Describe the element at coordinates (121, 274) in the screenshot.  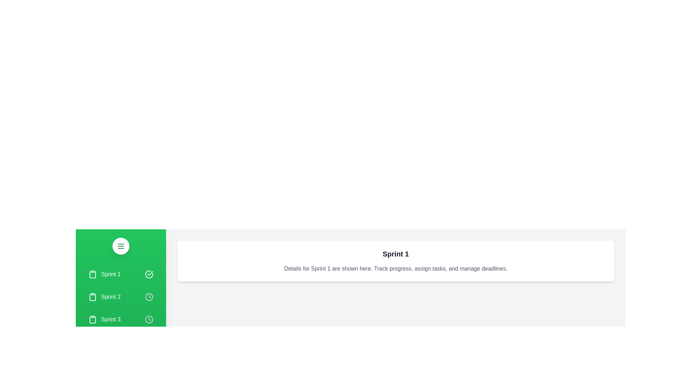
I see `the sprint item Sprint 1 to see the highlight effect` at that location.